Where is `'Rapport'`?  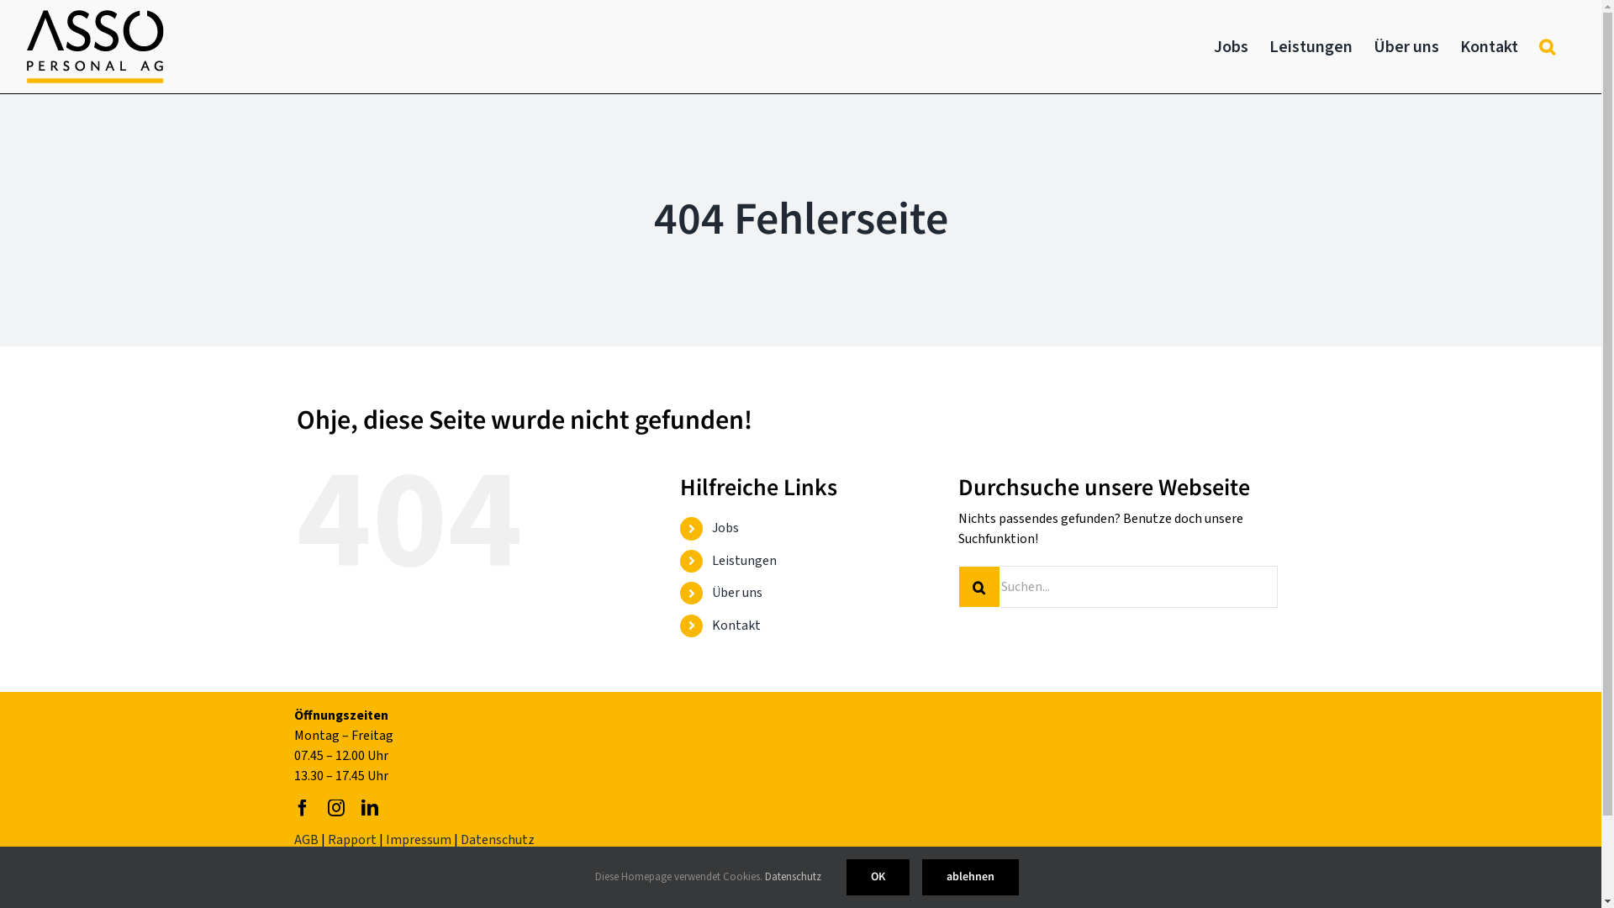 'Rapport' is located at coordinates (351, 840).